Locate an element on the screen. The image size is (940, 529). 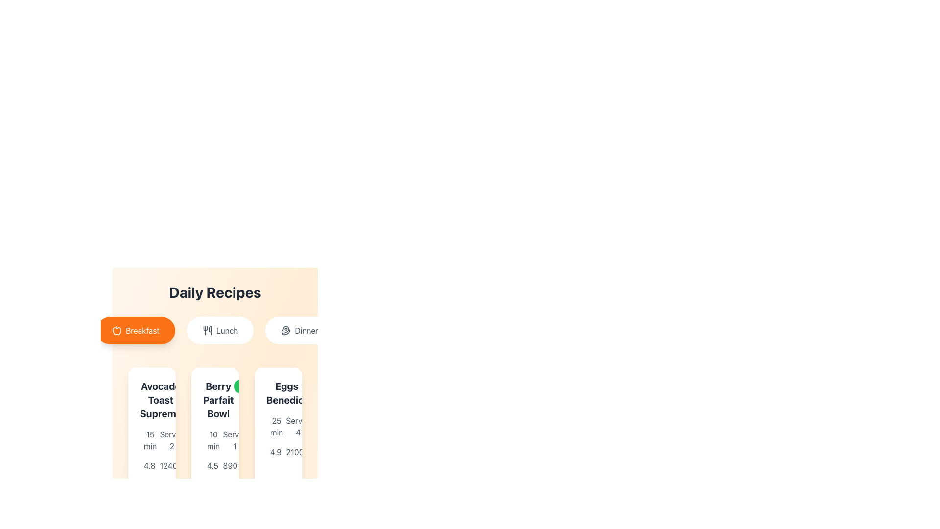
the informational text block that provides details about the recipe 'Avocado Toast Supreme', including preparation time, servings, rating, and likes is located at coordinates (151, 450).